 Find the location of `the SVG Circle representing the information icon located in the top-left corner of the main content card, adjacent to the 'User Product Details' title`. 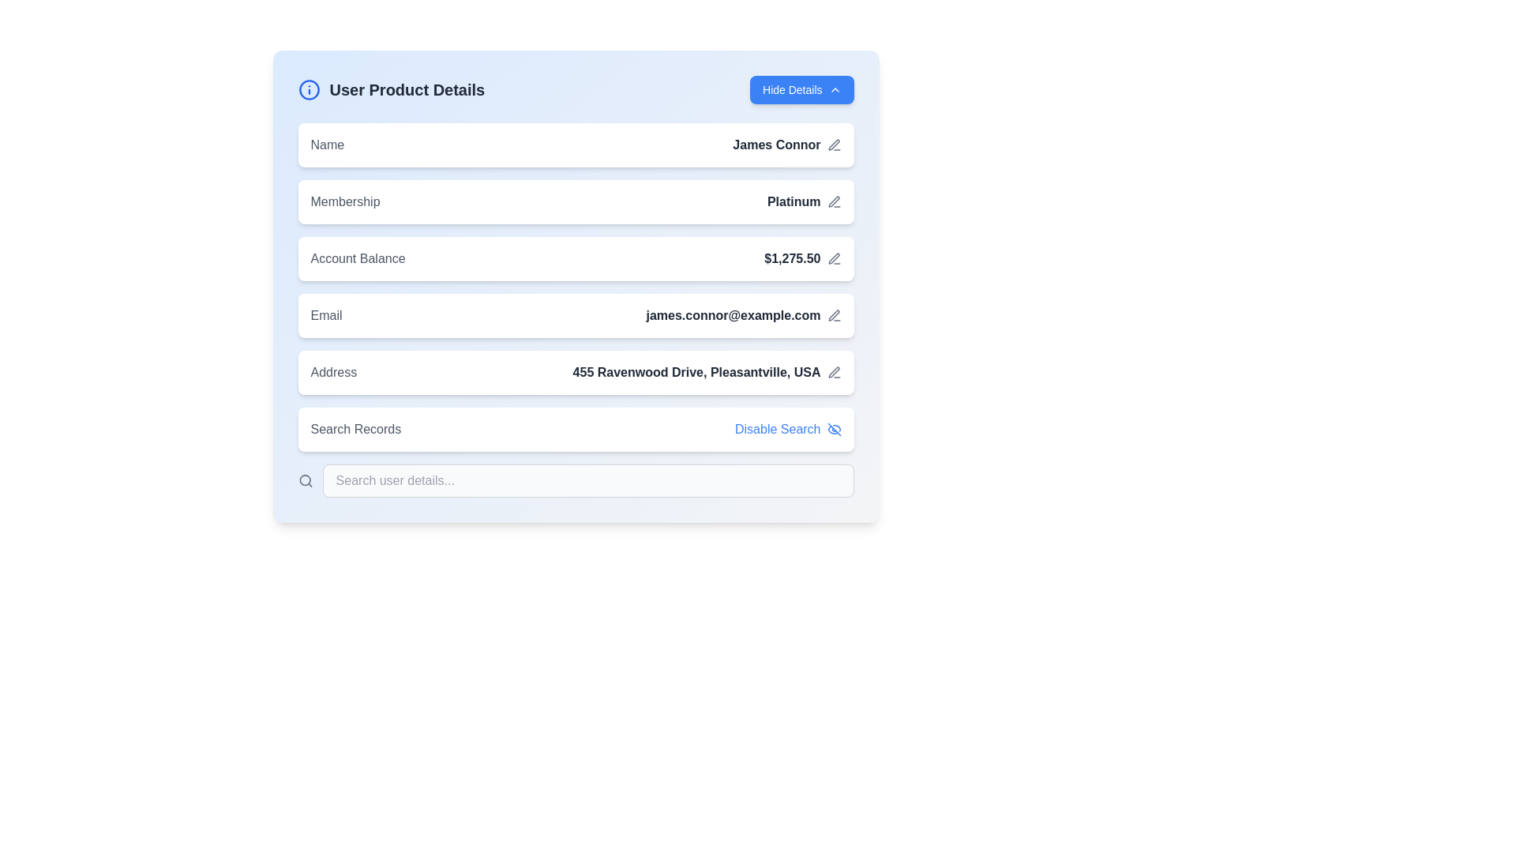

the SVG Circle representing the information icon located in the top-left corner of the main content card, adjacent to the 'User Product Details' title is located at coordinates (309, 90).